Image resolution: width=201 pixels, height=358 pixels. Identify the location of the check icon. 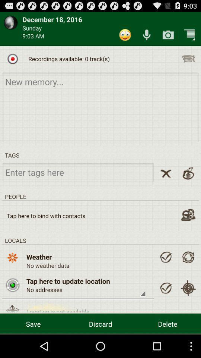
(166, 308).